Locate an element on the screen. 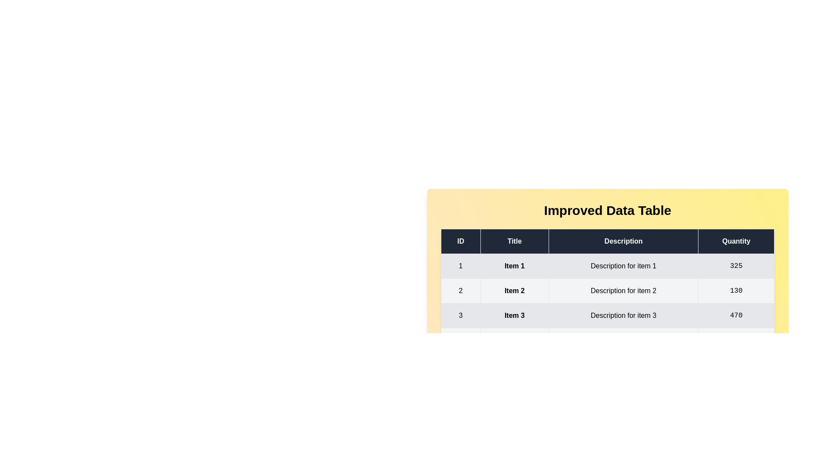  the cell with content 130 to select its content is located at coordinates (735, 291).